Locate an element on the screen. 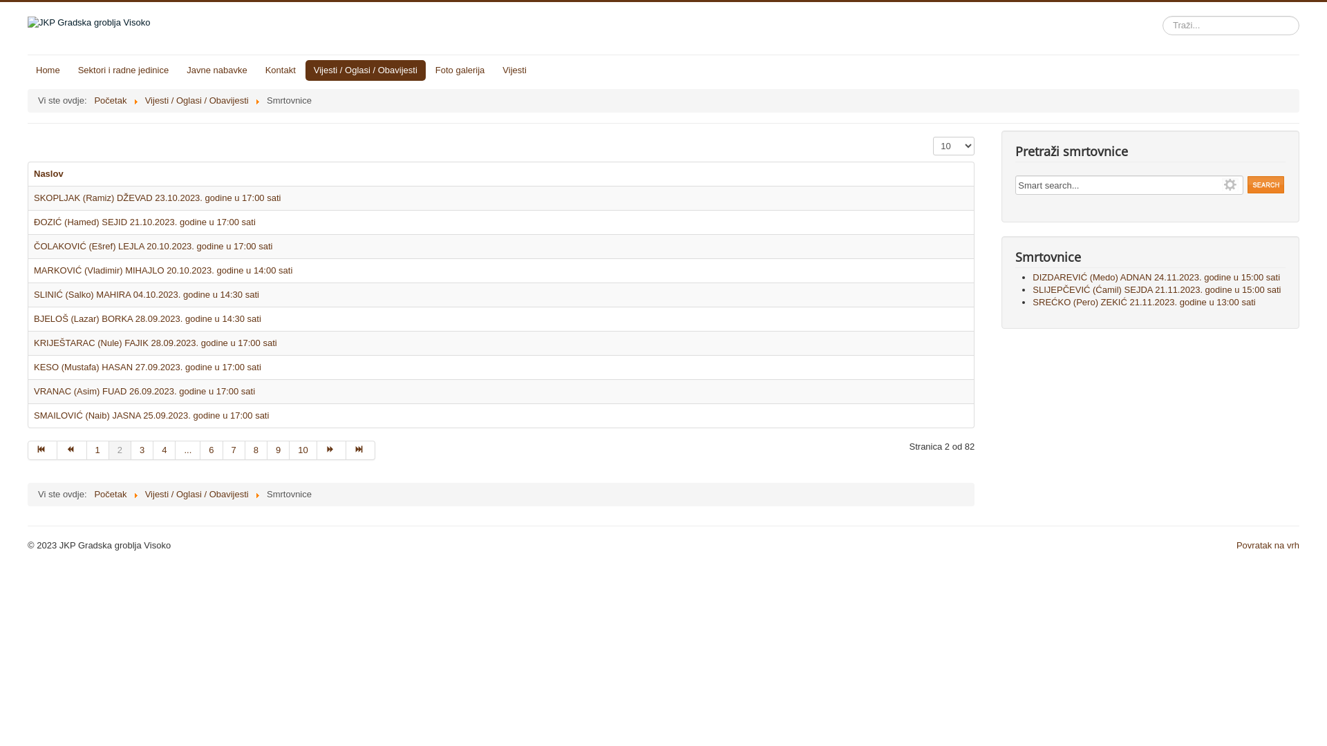  '1' is located at coordinates (97, 450).